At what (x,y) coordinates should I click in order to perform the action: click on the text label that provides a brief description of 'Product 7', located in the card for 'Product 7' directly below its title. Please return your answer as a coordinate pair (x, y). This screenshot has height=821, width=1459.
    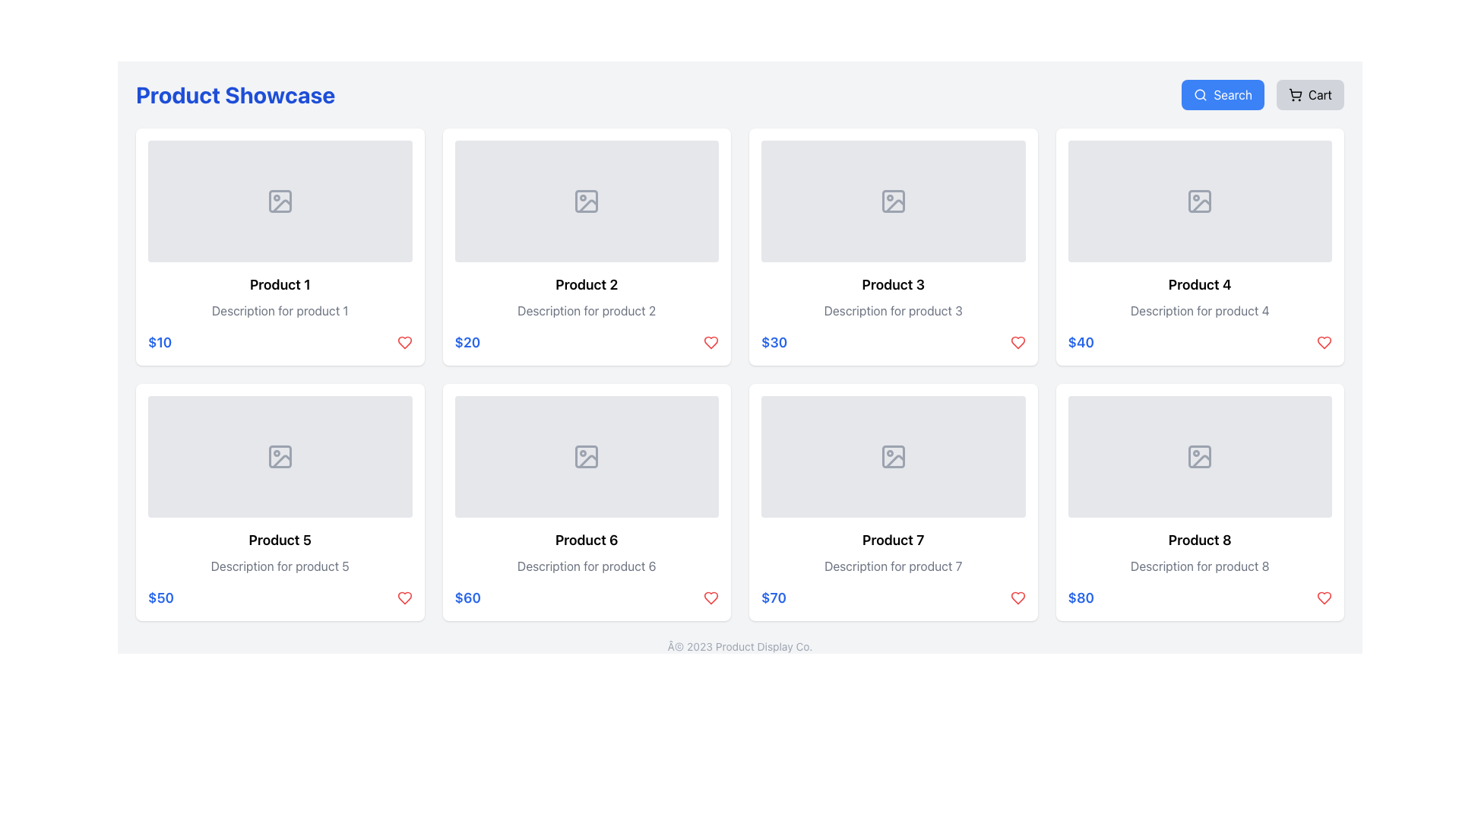
    Looking at the image, I should click on (893, 566).